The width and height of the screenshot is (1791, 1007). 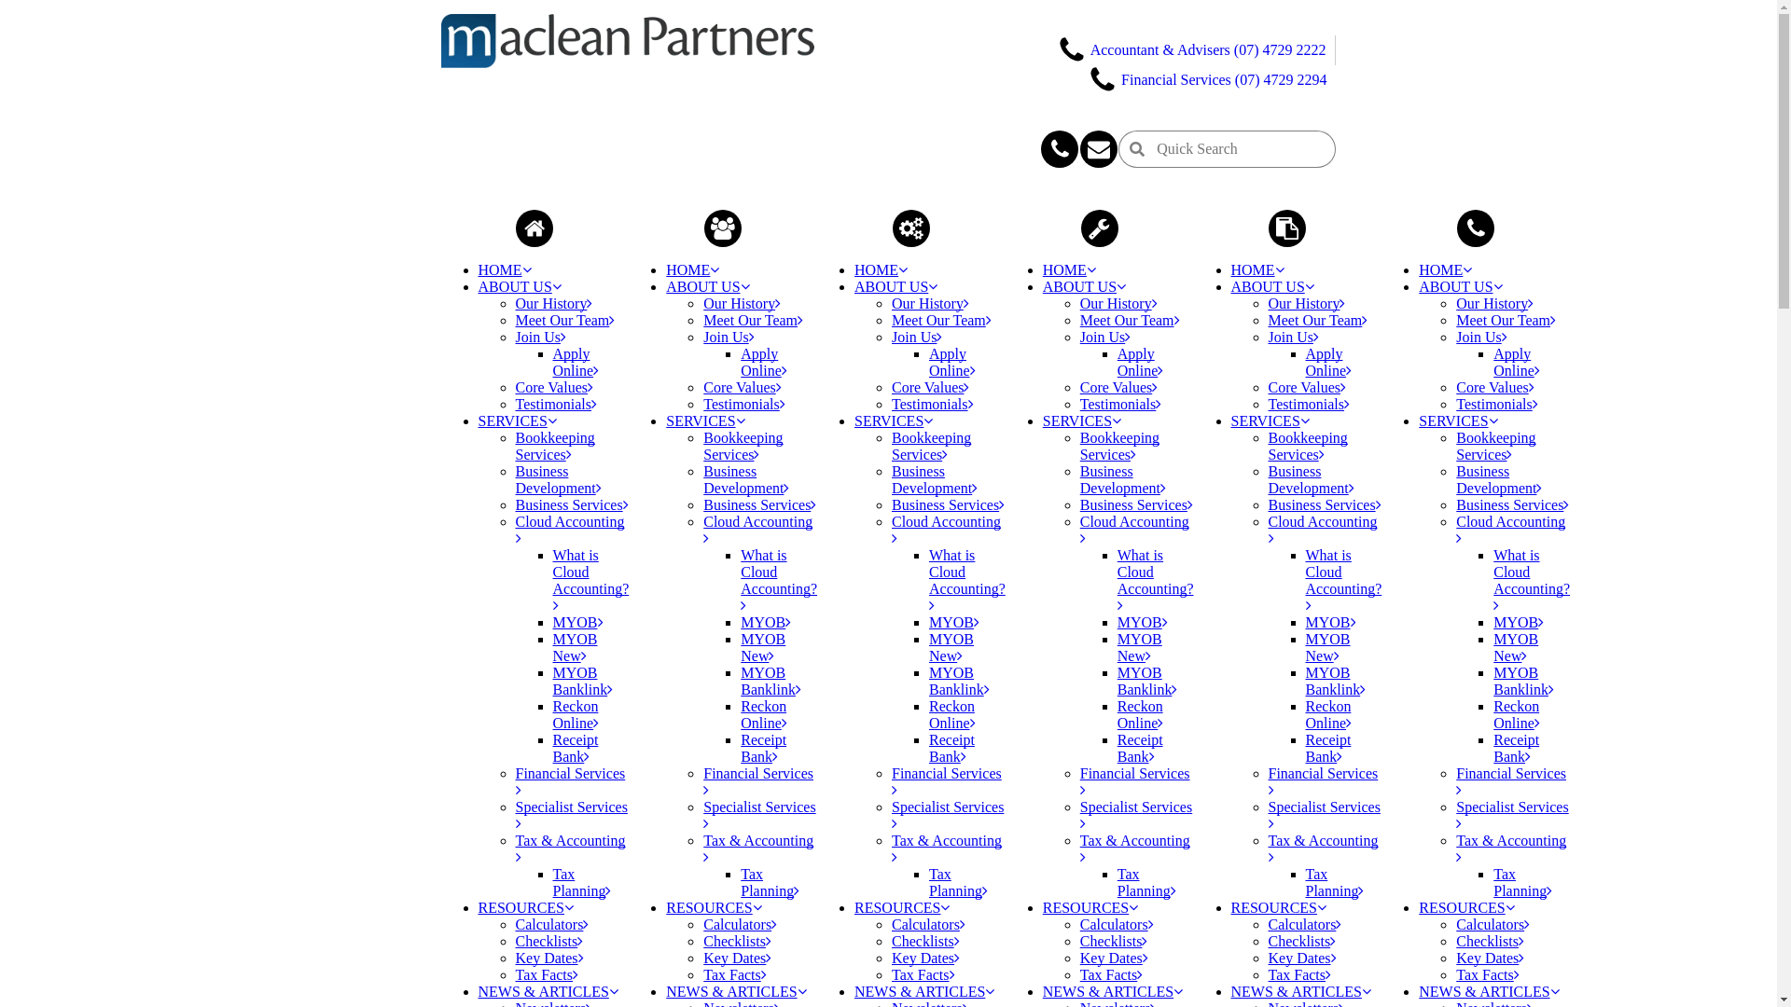 I want to click on 'MYOB Banklink', so click(x=929, y=681).